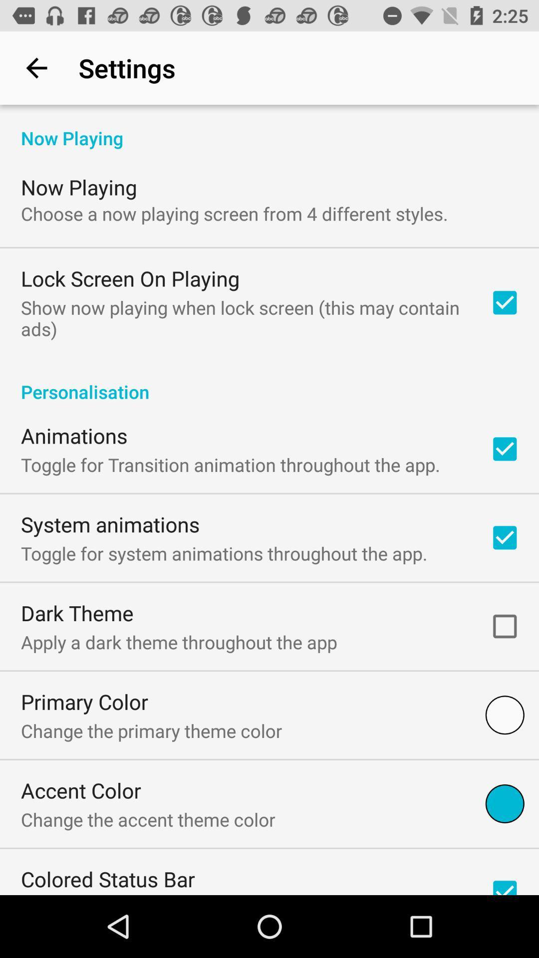  Describe the element at coordinates (178, 642) in the screenshot. I see `item below dark theme` at that location.